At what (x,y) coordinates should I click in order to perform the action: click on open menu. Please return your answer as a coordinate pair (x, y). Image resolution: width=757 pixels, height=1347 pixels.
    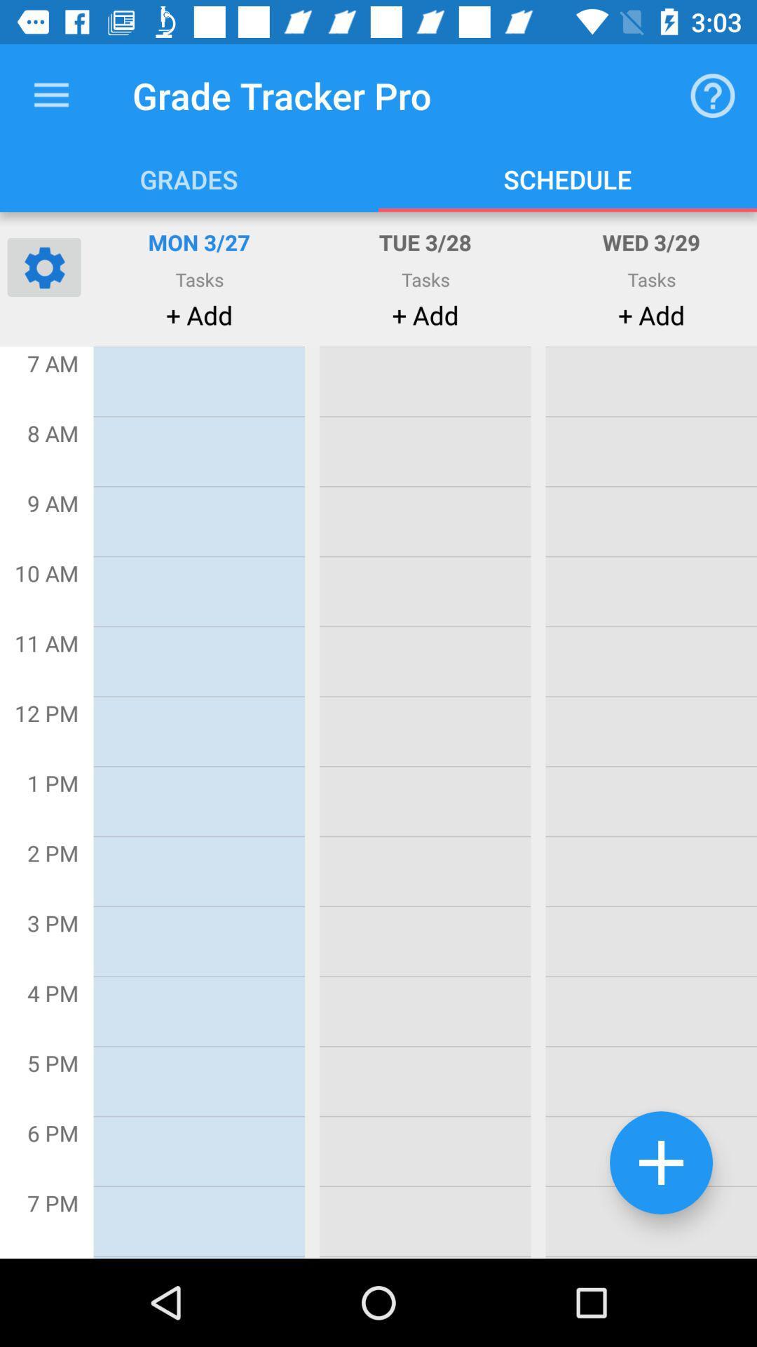
    Looking at the image, I should click on (50, 95).